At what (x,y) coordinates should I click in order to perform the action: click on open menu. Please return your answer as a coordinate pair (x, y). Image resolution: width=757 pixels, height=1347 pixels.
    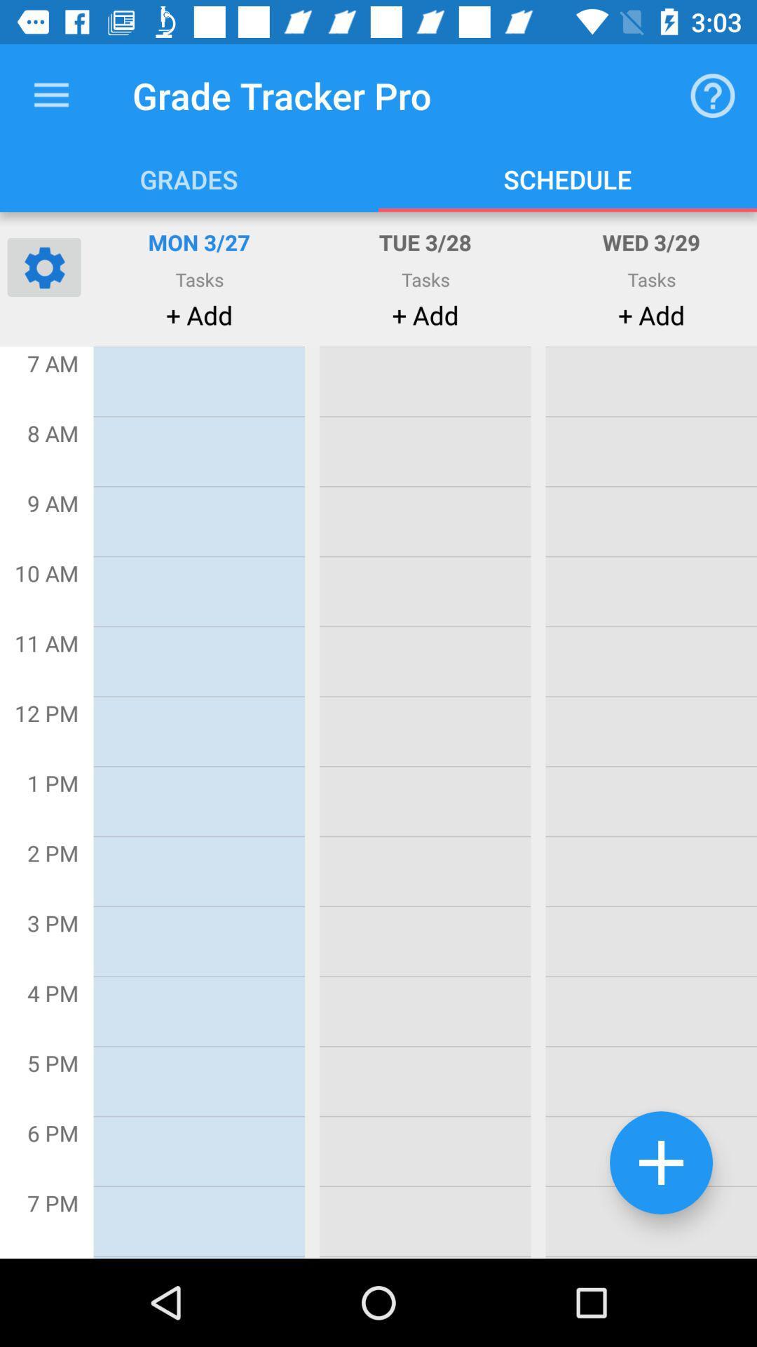
    Looking at the image, I should click on (50, 95).